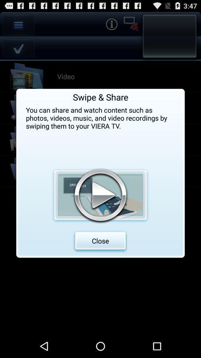 This screenshot has width=201, height=358. Describe the element at coordinates (19, 26) in the screenshot. I see `the menu icon` at that location.